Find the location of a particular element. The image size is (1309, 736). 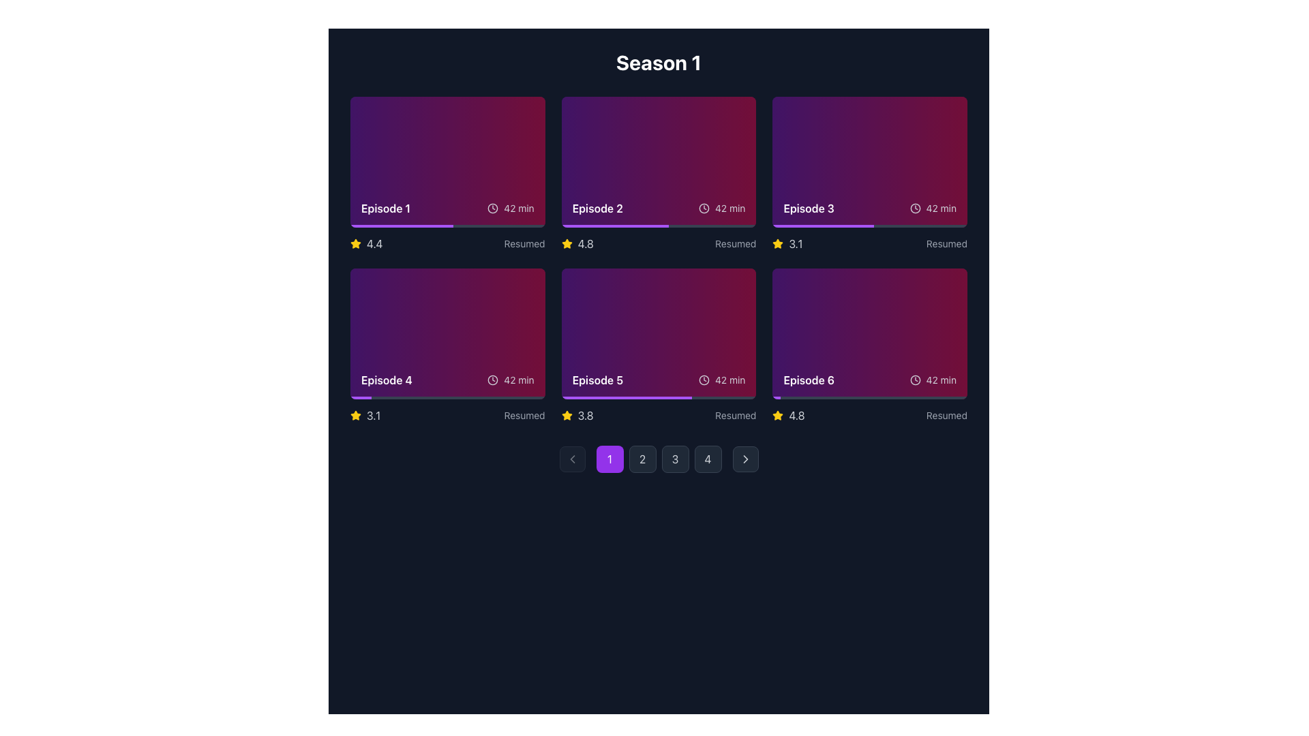

the text label 'Episode 1' which is styled with a bold white font and located within the first content card of the 3x2 grid under the section titled 'Season 1' is located at coordinates (385, 208).